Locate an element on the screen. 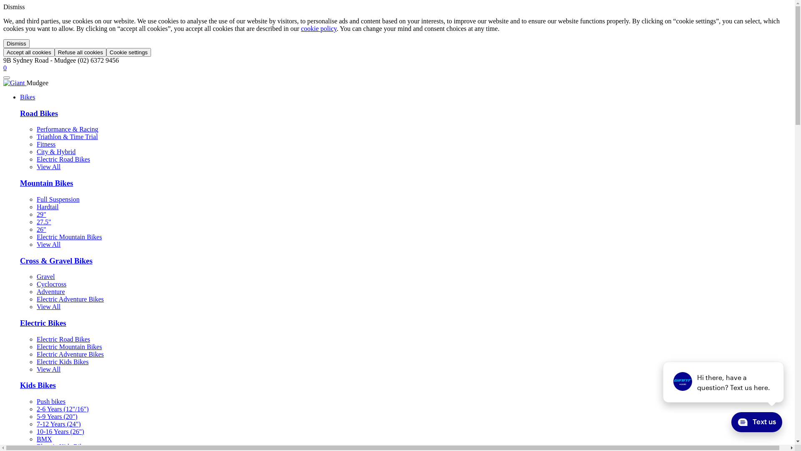 This screenshot has width=801, height=451. 'Road Bikes' is located at coordinates (38, 113).